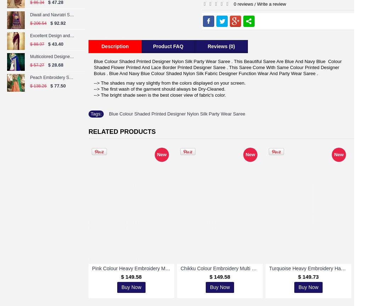 The width and height of the screenshot is (386, 306). Describe the element at coordinates (221, 46) in the screenshot. I see `'Reviews (0)'` at that location.